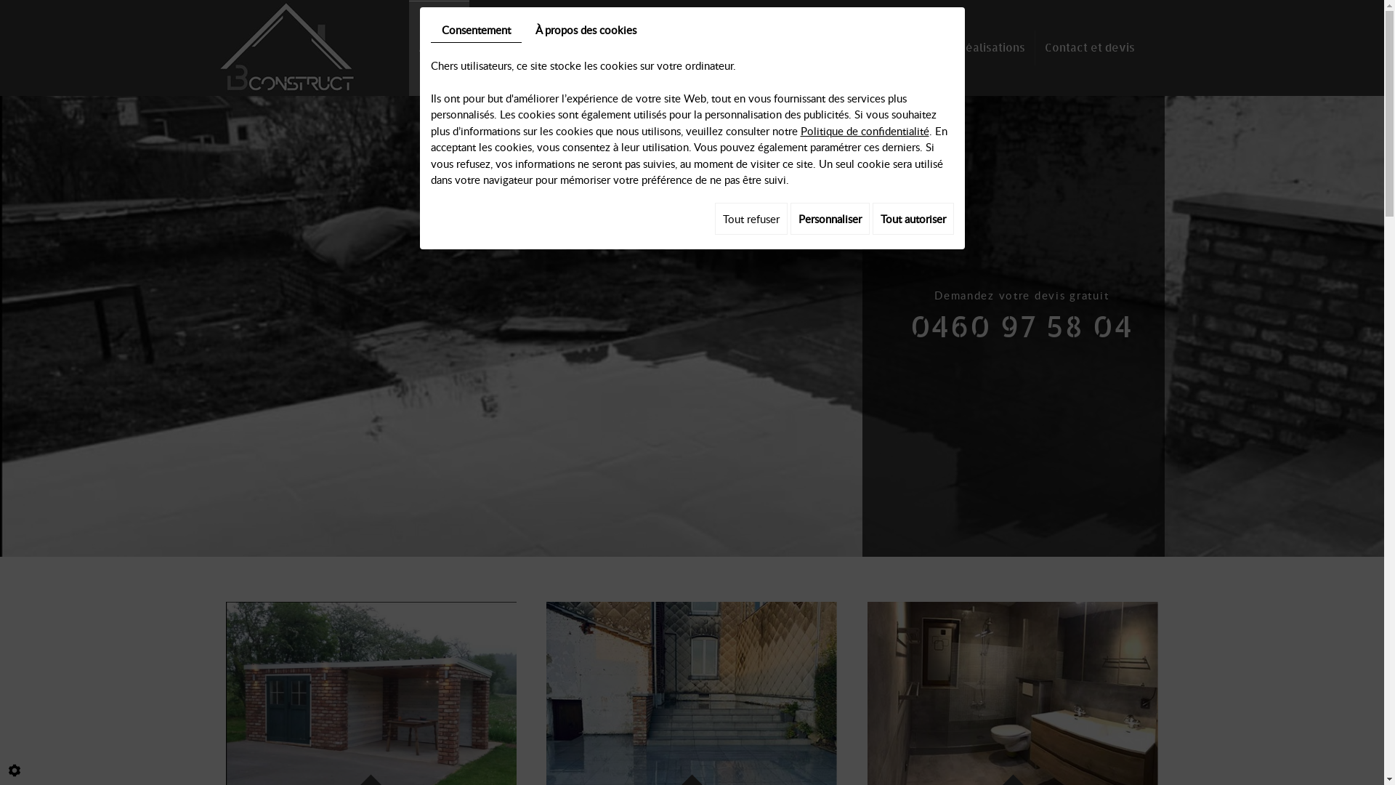 Image resolution: width=1395 pixels, height=785 pixels. Describe the element at coordinates (407, 47) in the screenshot. I see `'Accueil'` at that location.